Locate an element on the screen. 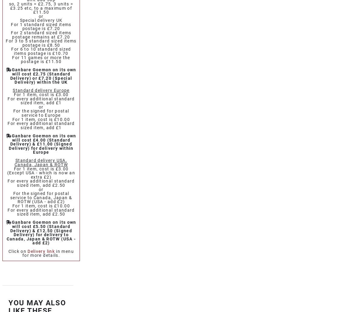 This screenshot has width=356, height=312. 'Merchandise' is located at coordinates (33, 159).